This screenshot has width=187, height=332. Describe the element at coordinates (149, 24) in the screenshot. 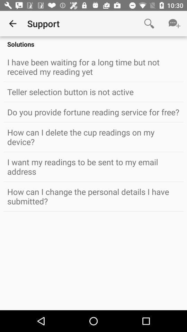

I see `icon above solutions` at that location.